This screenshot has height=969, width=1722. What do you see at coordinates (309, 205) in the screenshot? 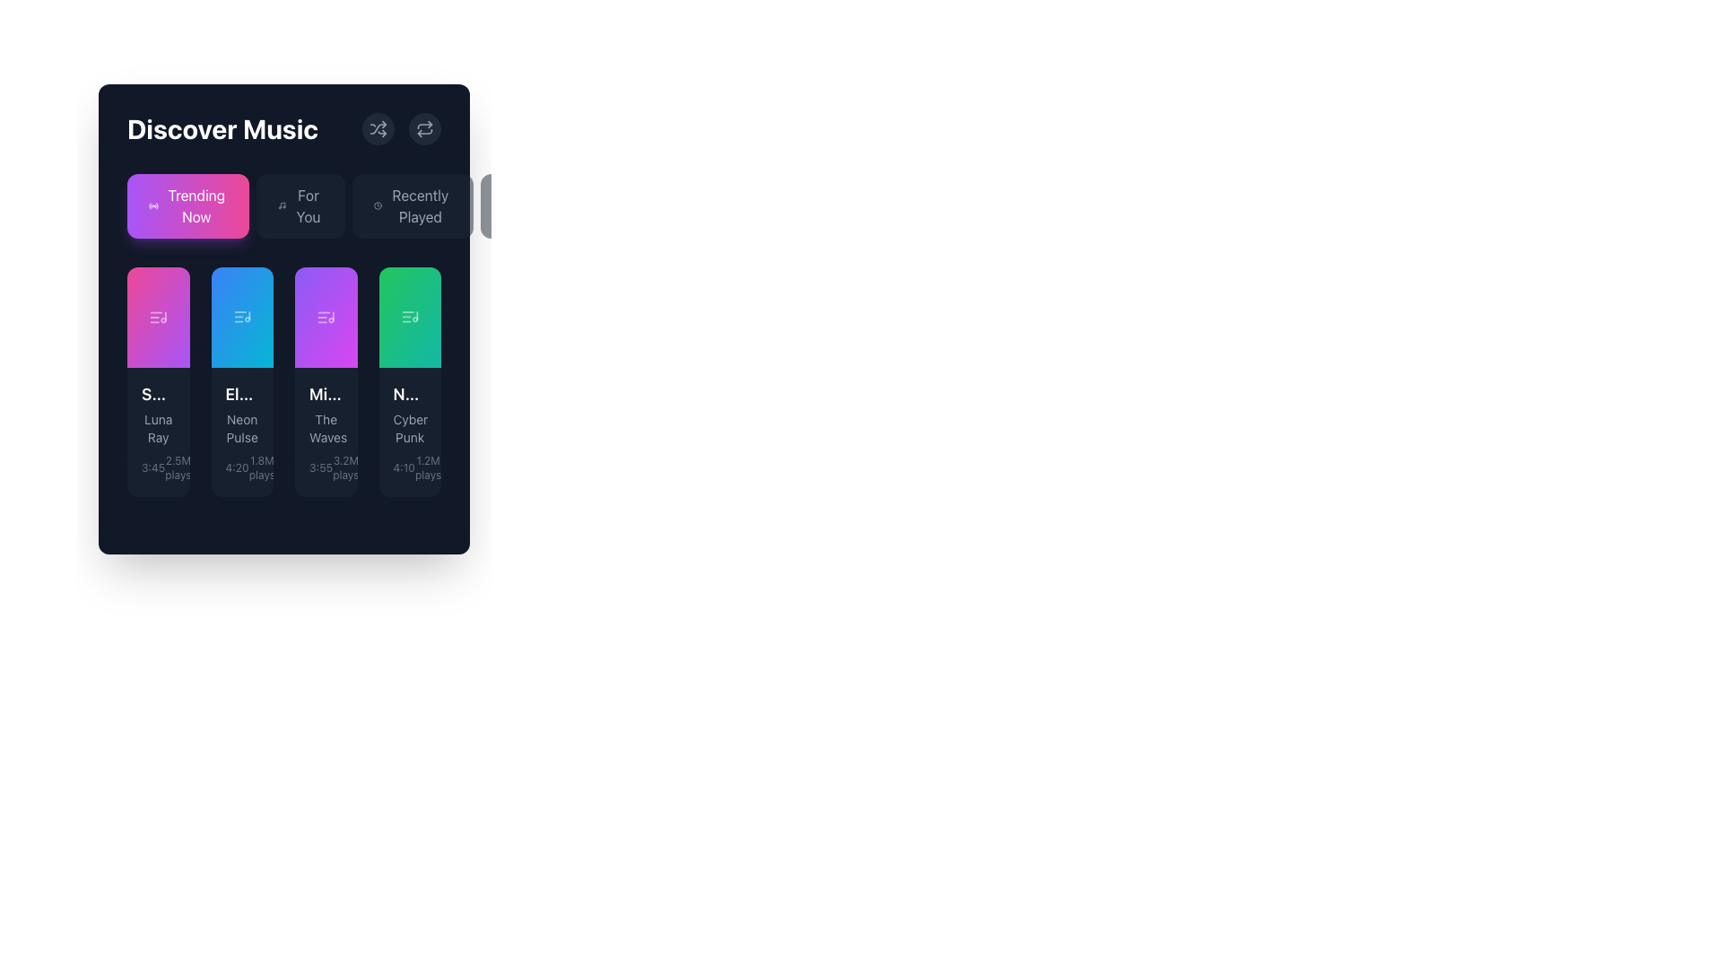
I see `the 'For You' text label within the navigational button` at bounding box center [309, 205].